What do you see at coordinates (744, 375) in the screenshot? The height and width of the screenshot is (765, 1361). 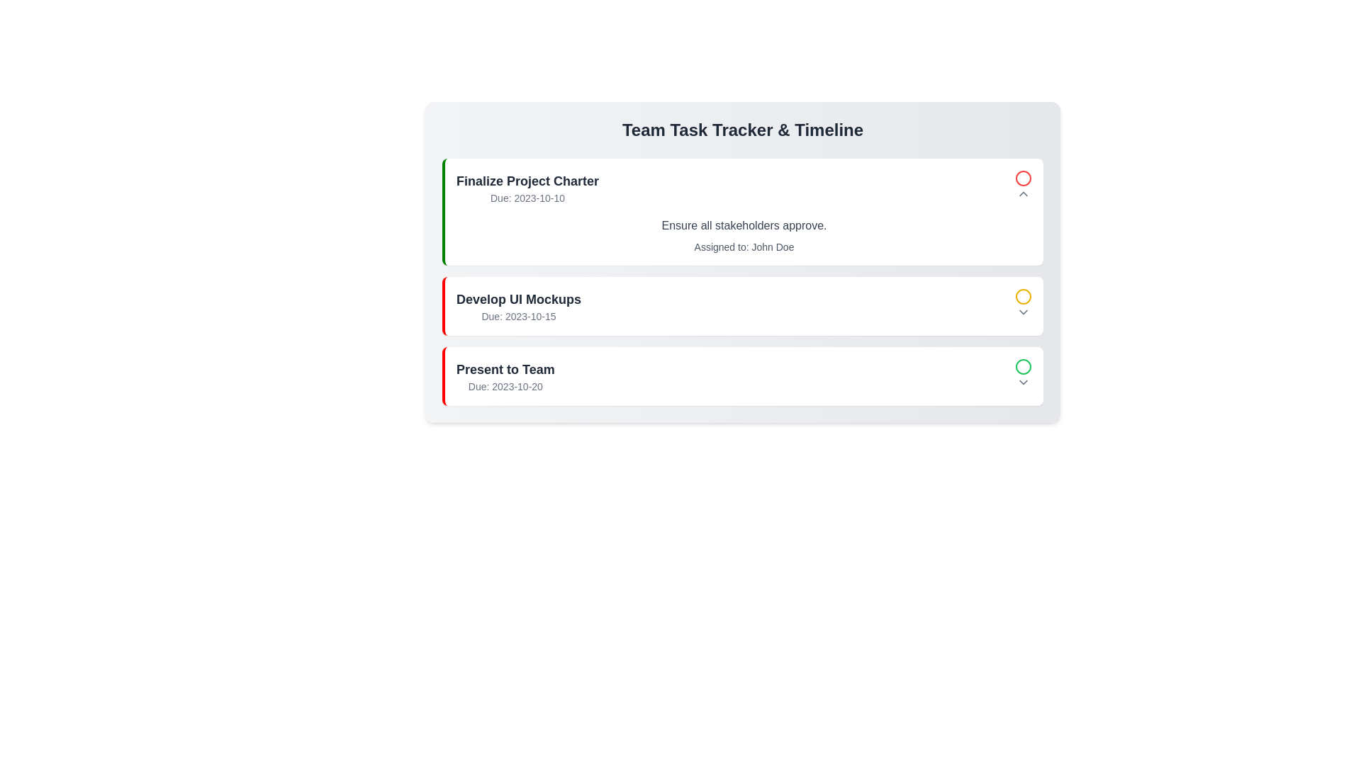 I see `the third task card in the task management tool, which is positioned below the 'Develop UI Mockups' card and has a red border on its left` at bounding box center [744, 375].